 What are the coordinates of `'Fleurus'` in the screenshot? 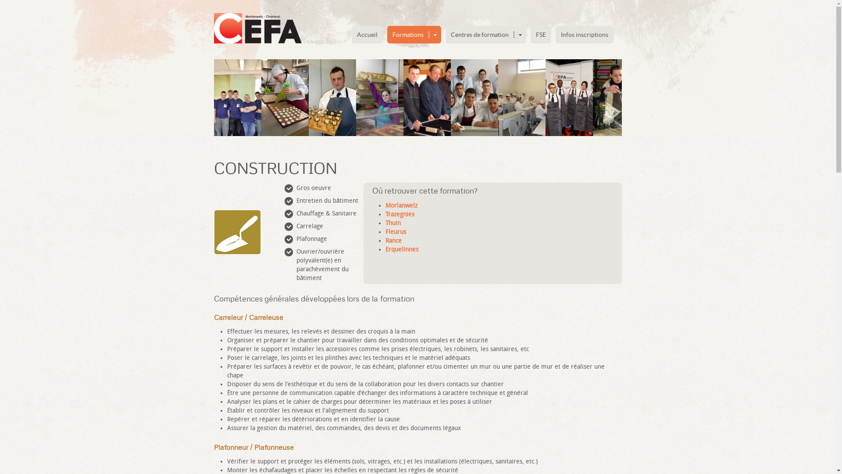 It's located at (395, 231).